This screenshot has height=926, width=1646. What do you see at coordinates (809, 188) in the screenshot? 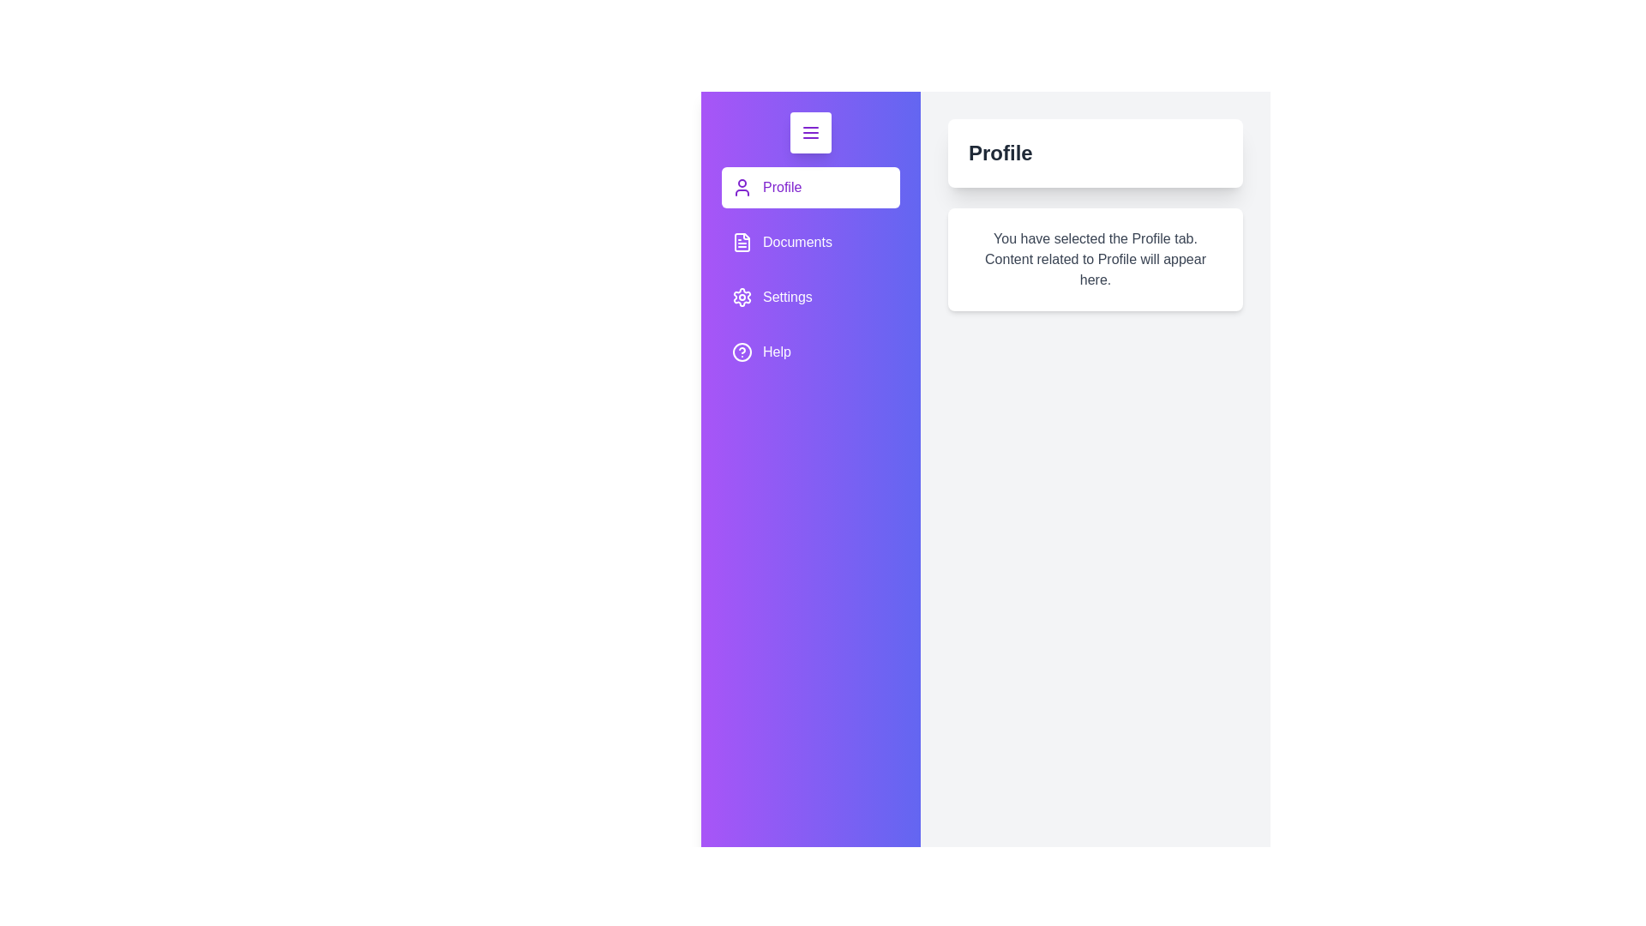
I see `the Profile tab to view its content` at bounding box center [809, 188].